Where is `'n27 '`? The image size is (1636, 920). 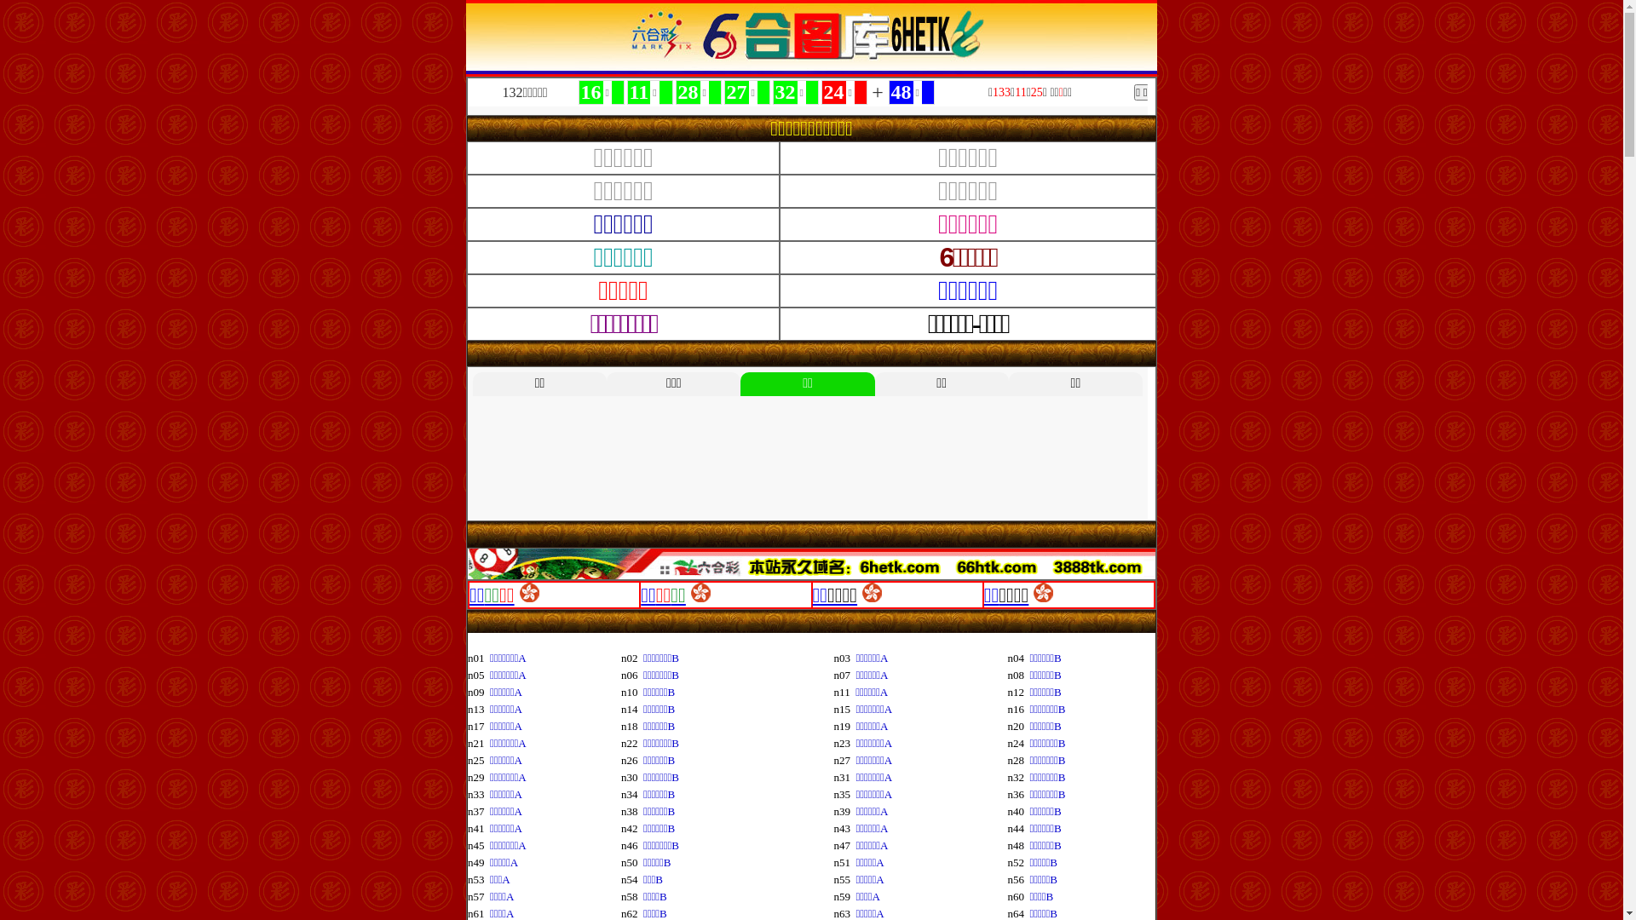 'n27 ' is located at coordinates (845, 759).